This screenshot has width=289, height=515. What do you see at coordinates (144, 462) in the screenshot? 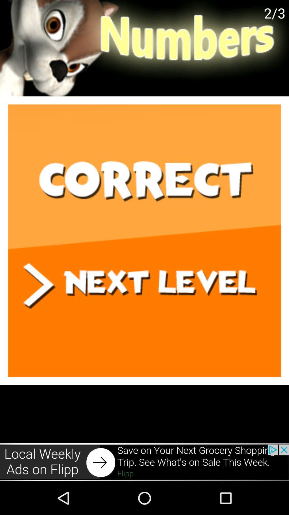
I see `advertisement` at bounding box center [144, 462].